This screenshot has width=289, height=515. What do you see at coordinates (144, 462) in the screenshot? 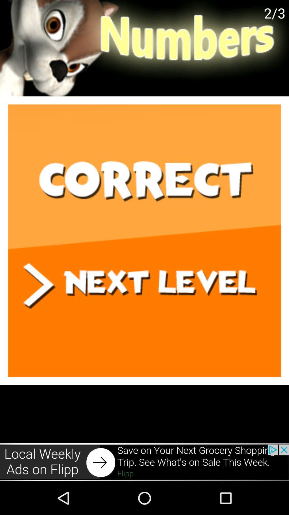
I see `advertisement` at bounding box center [144, 462].